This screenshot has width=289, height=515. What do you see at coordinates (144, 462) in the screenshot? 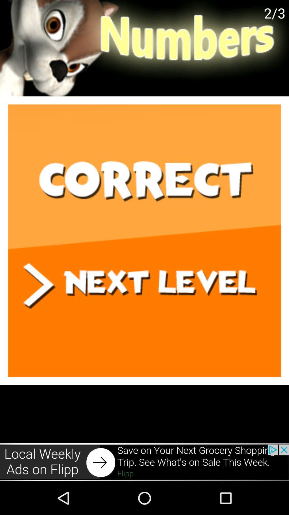
I see `advertisement` at bounding box center [144, 462].